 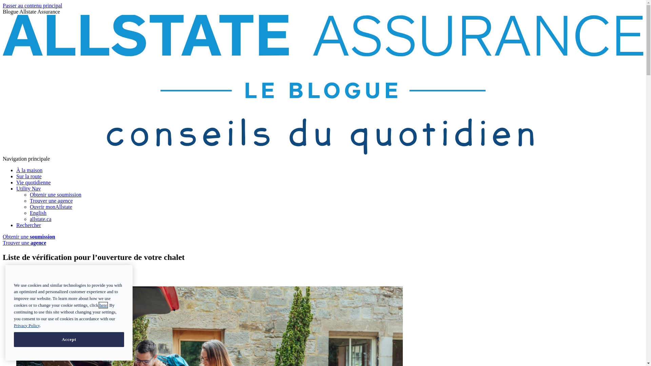 I want to click on 'Sur la route', so click(x=28, y=176).